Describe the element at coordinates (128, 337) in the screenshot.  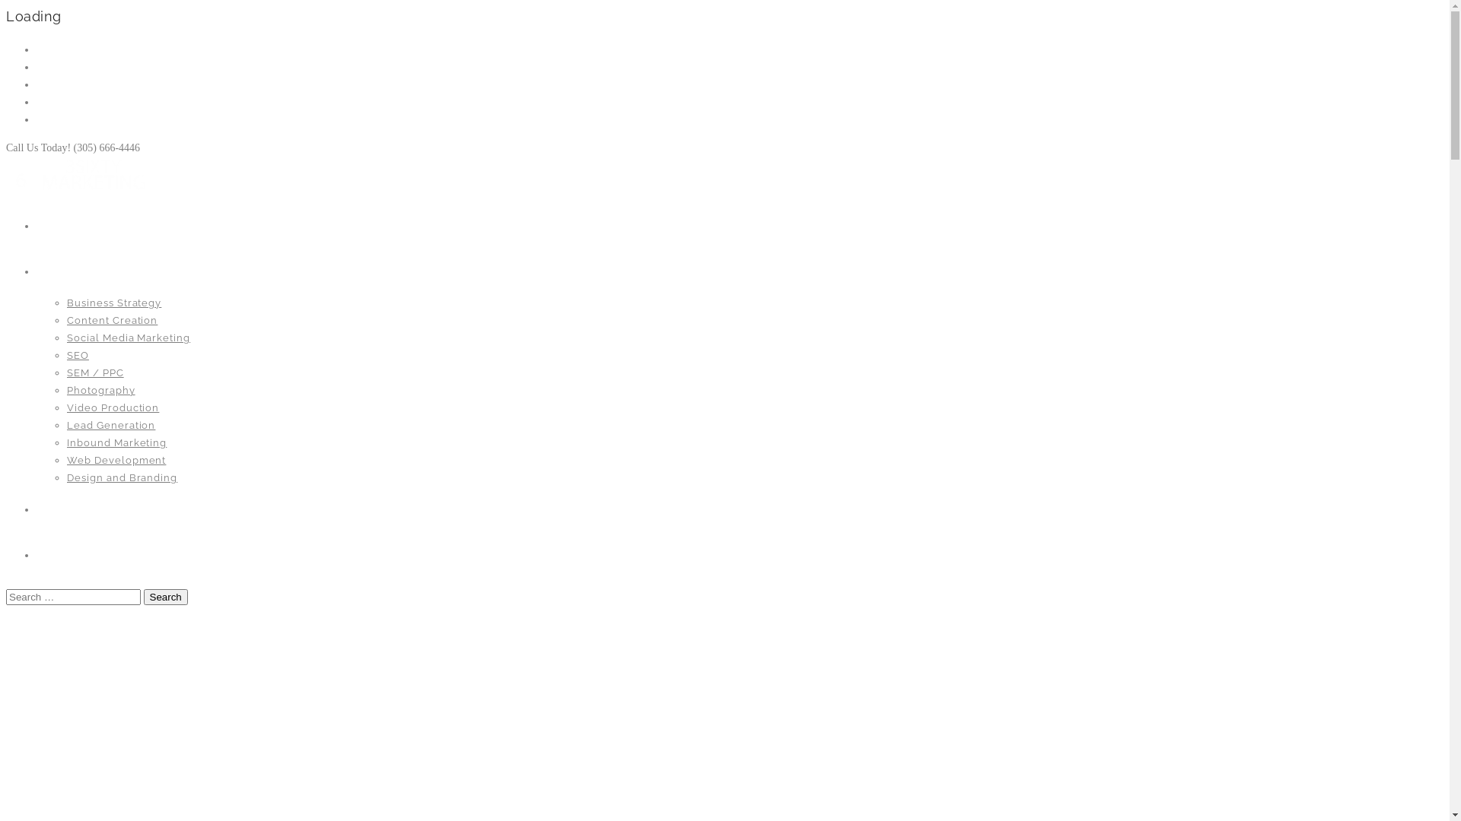
I see `'Social Media Marketing'` at that location.